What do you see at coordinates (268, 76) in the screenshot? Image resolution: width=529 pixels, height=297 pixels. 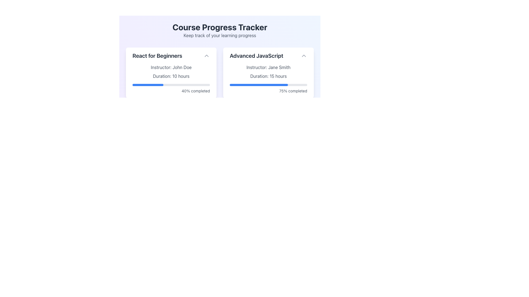 I see `information from the static text label that indicates the duration of the course 'Advanced JavaScript', positioned below 'Instructor: Jane Smith' and above the progress bar` at bounding box center [268, 76].